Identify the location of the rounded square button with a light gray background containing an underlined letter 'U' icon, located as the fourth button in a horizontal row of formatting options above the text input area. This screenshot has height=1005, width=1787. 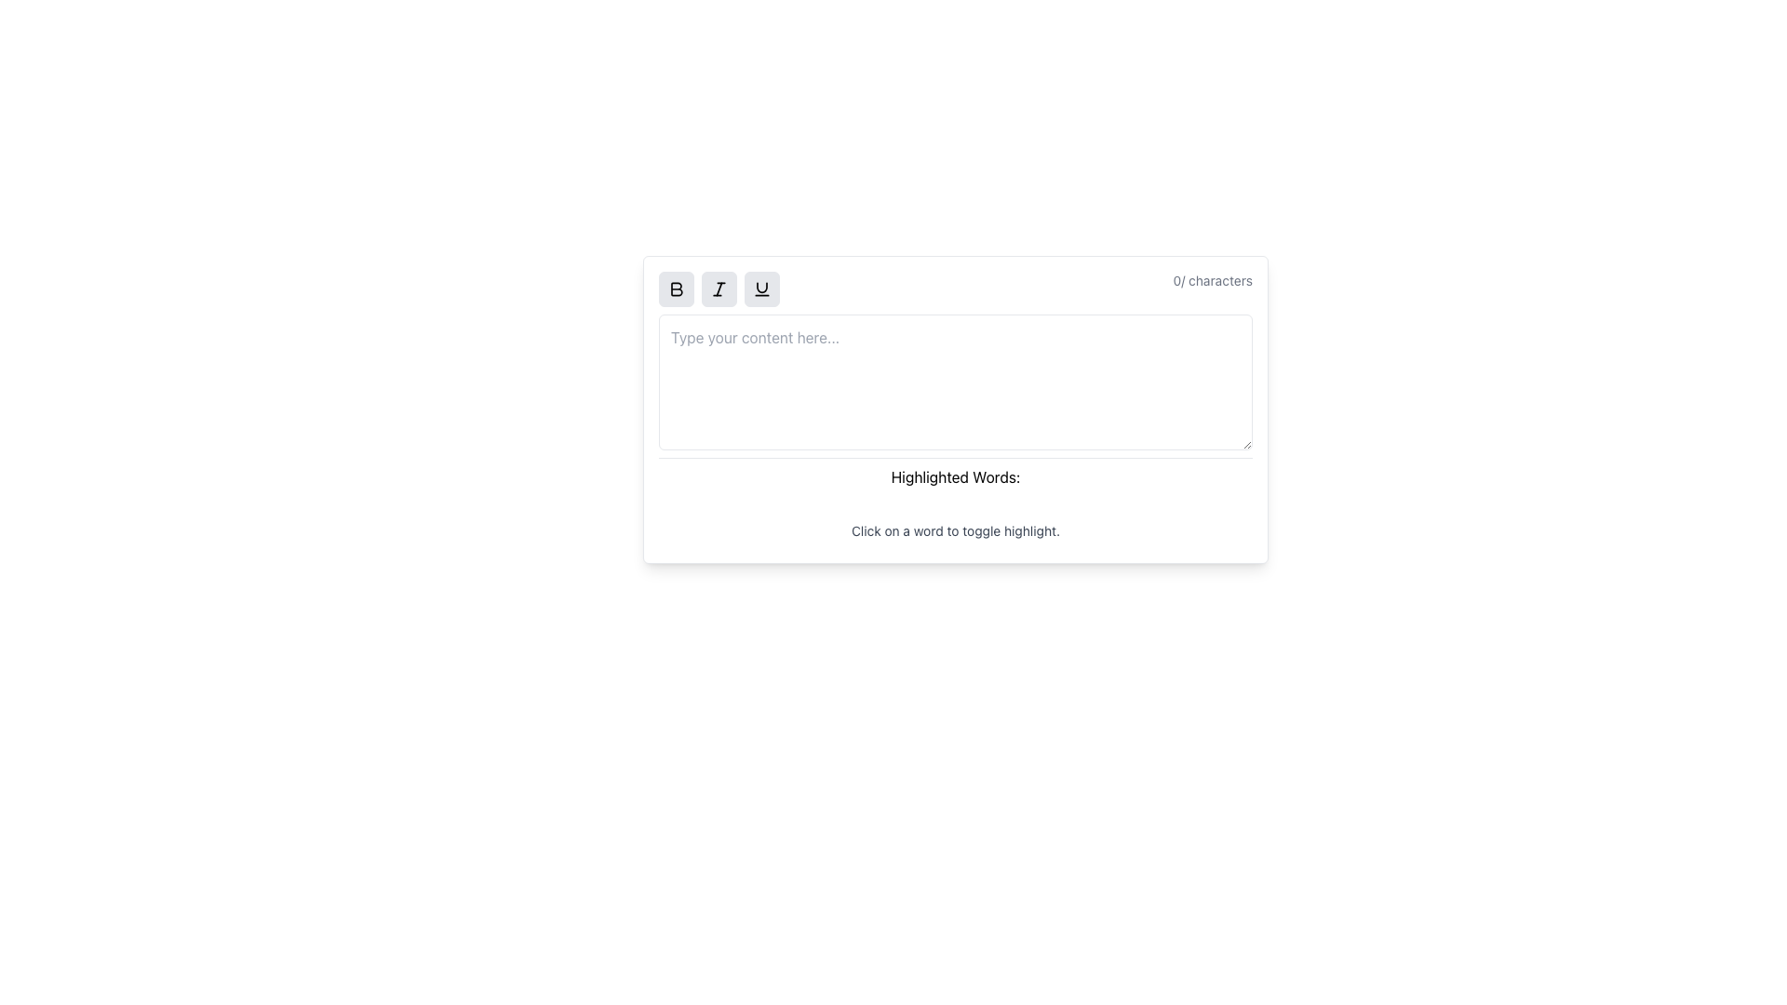
(762, 289).